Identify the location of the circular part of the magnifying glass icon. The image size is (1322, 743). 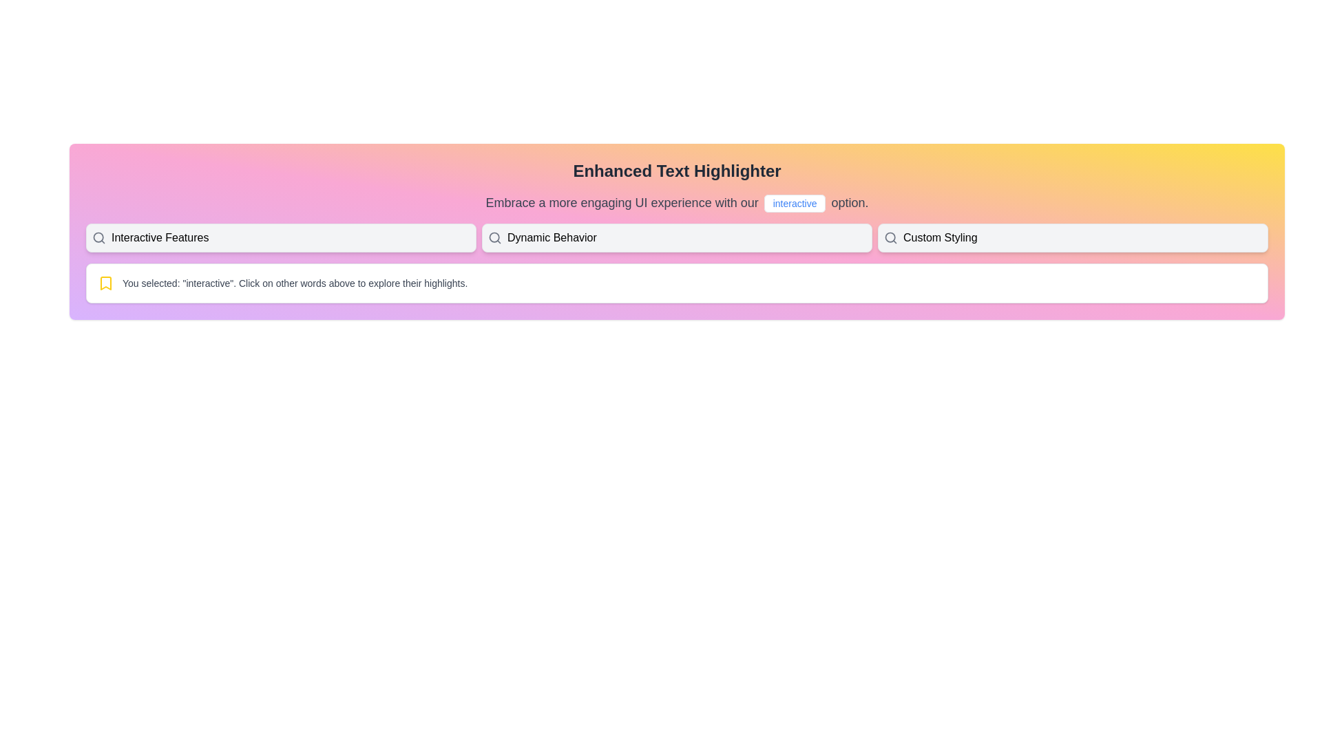
(98, 237).